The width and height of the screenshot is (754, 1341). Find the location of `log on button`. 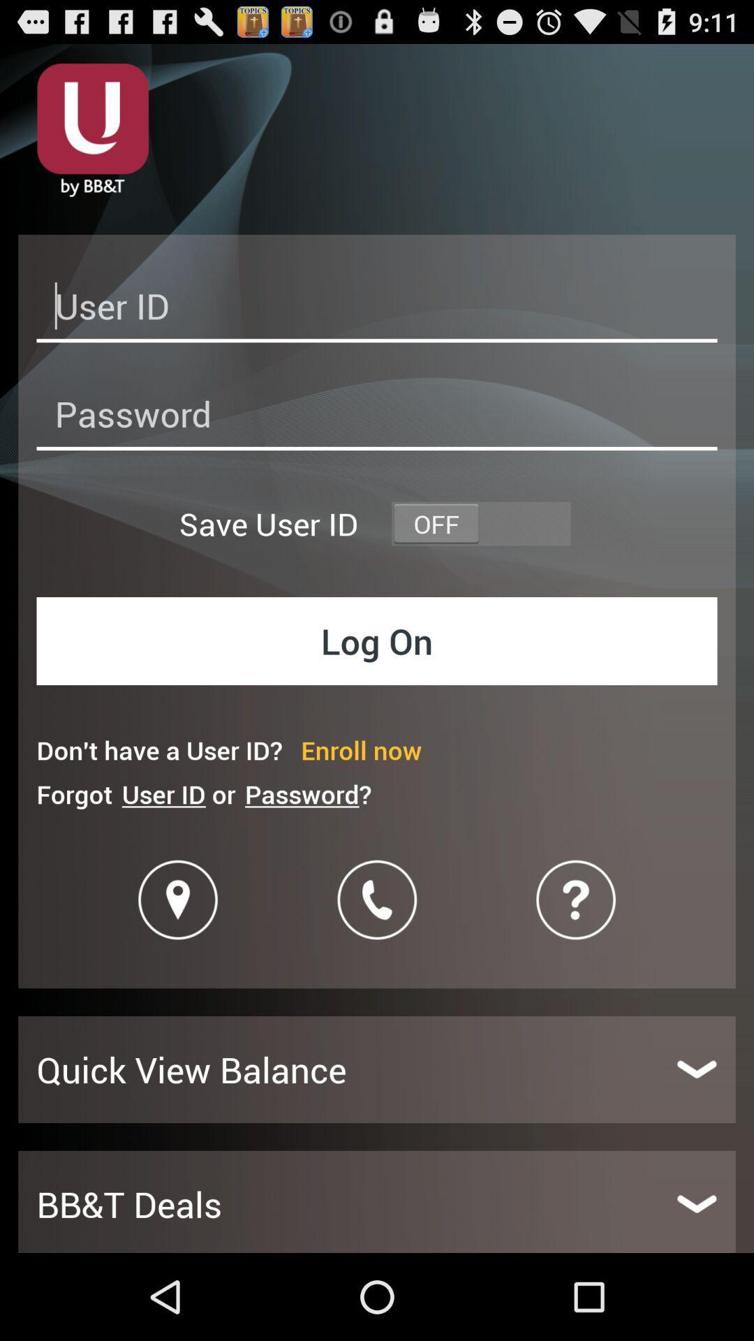

log on button is located at coordinates (377, 640).